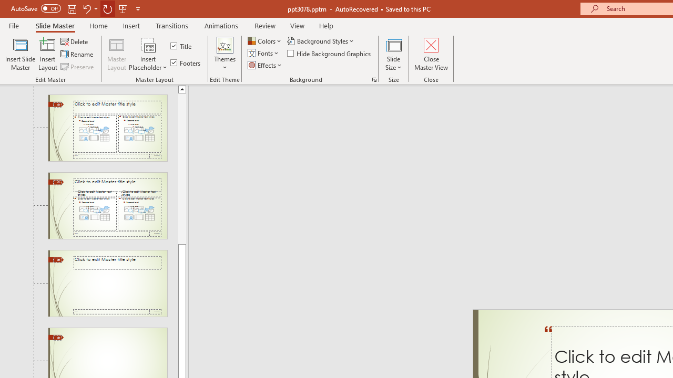 The height and width of the screenshot is (378, 673). I want to click on 'Preserve', so click(78, 67).